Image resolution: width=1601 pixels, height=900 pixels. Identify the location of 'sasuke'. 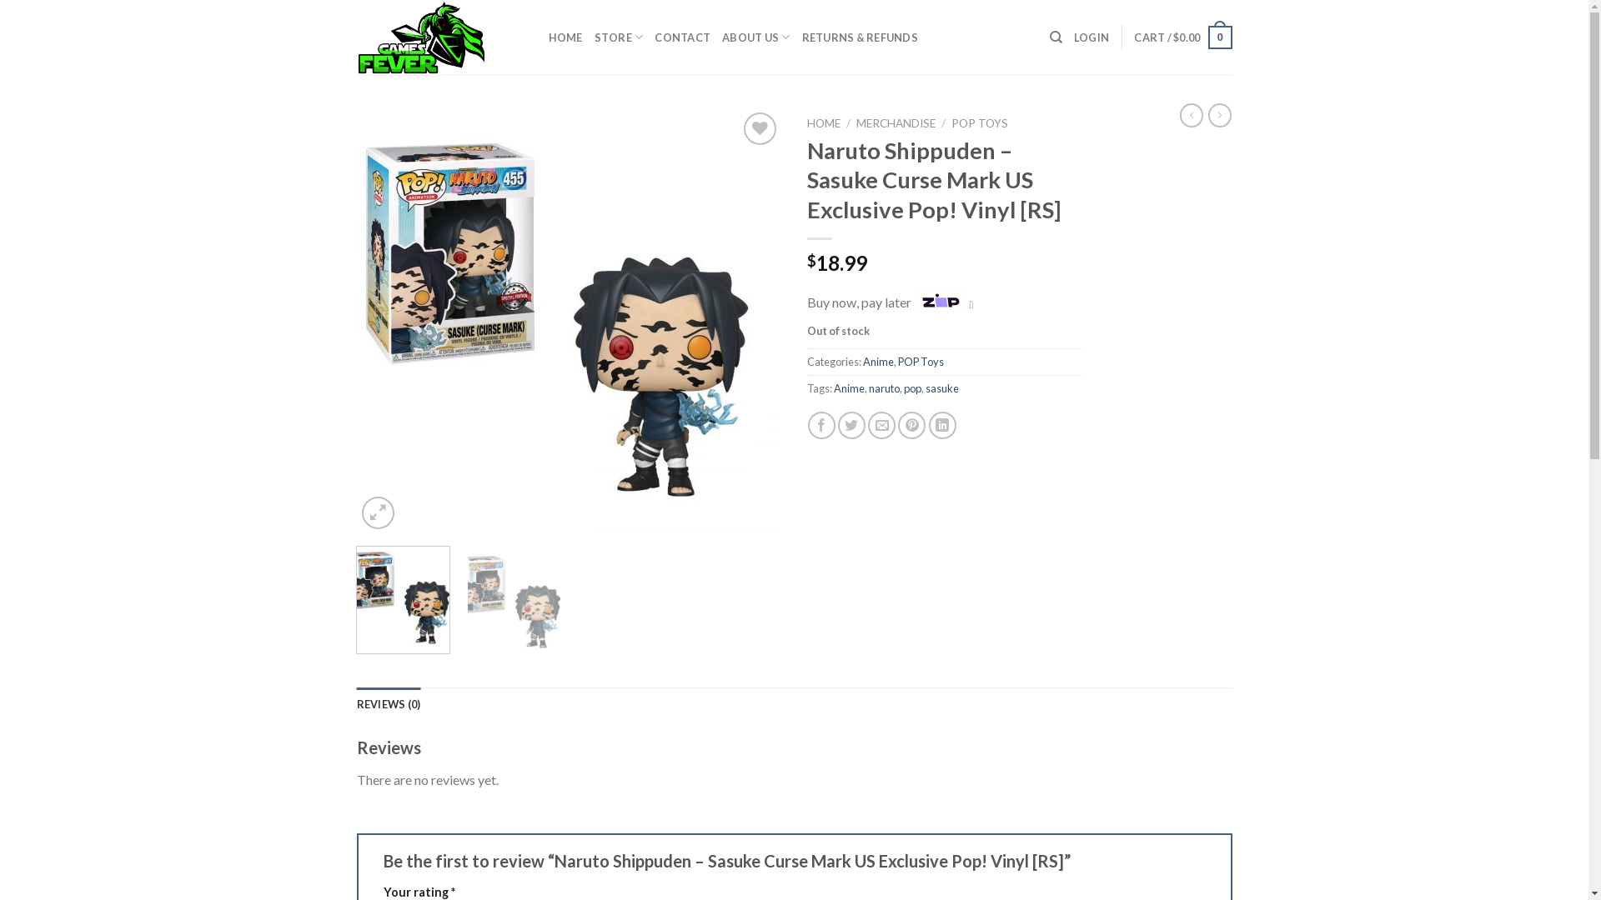
(941, 388).